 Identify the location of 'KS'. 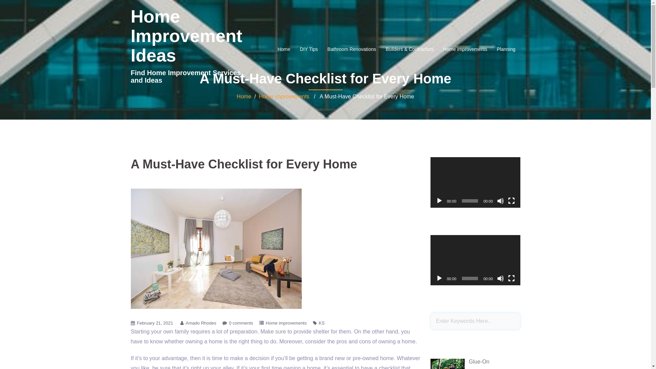
(321, 323).